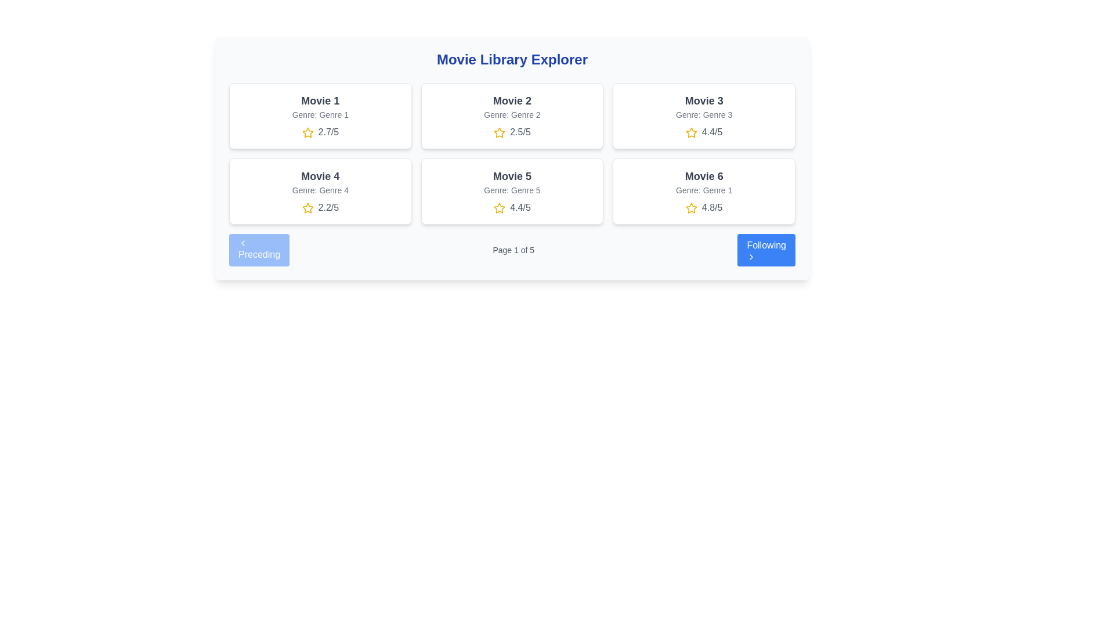  I want to click on the numeric rating text displaying '2.2/5' located below the title 'Movie 4' and adjacent to the yellow star icon in the bottom-left card of the grid layout, so click(328, 207).